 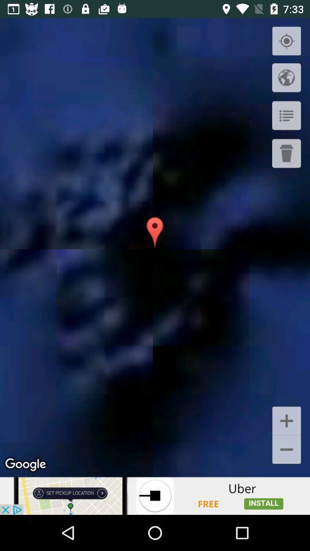 What do you see at coordinates (286, 115) in the screenshot?
I see `the list icon` at bounding box center [286, 115].